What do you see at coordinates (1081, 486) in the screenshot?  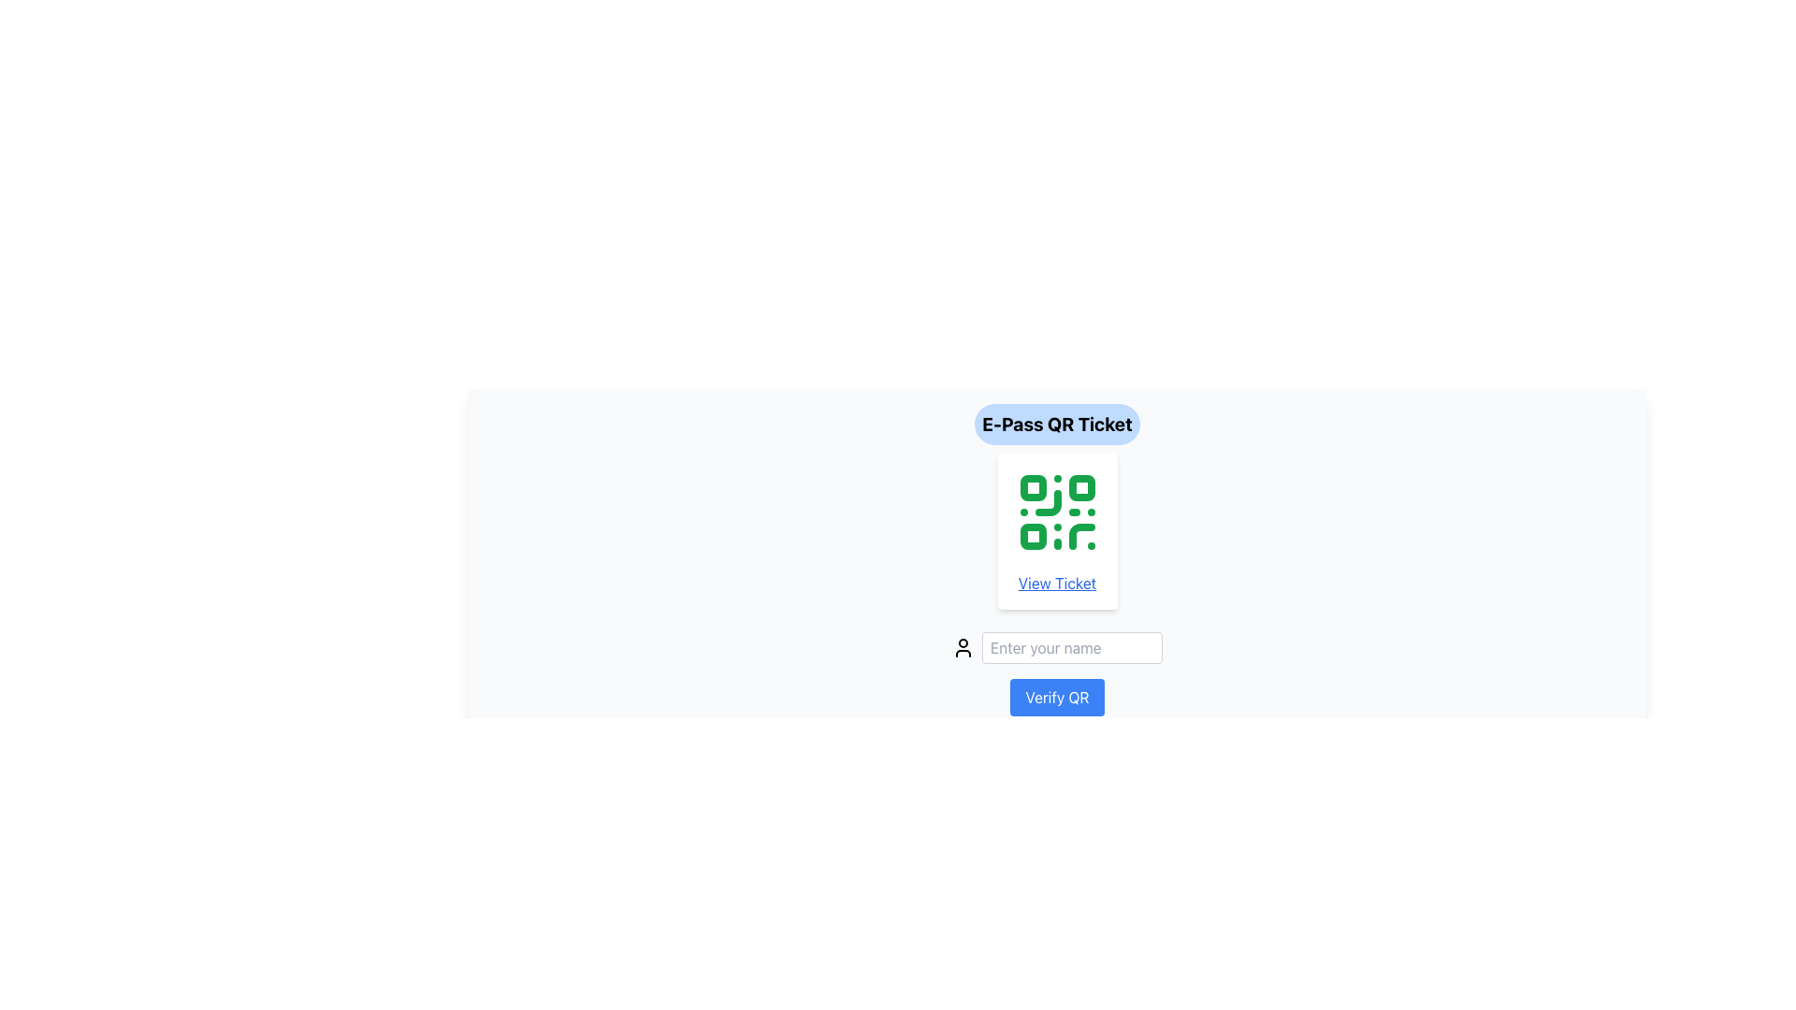 I see `the small green square located in the top-right corner of the QR code icon, which is part of the 'E-Pass QR Ticket' design` at bounding box center [1081, 486].